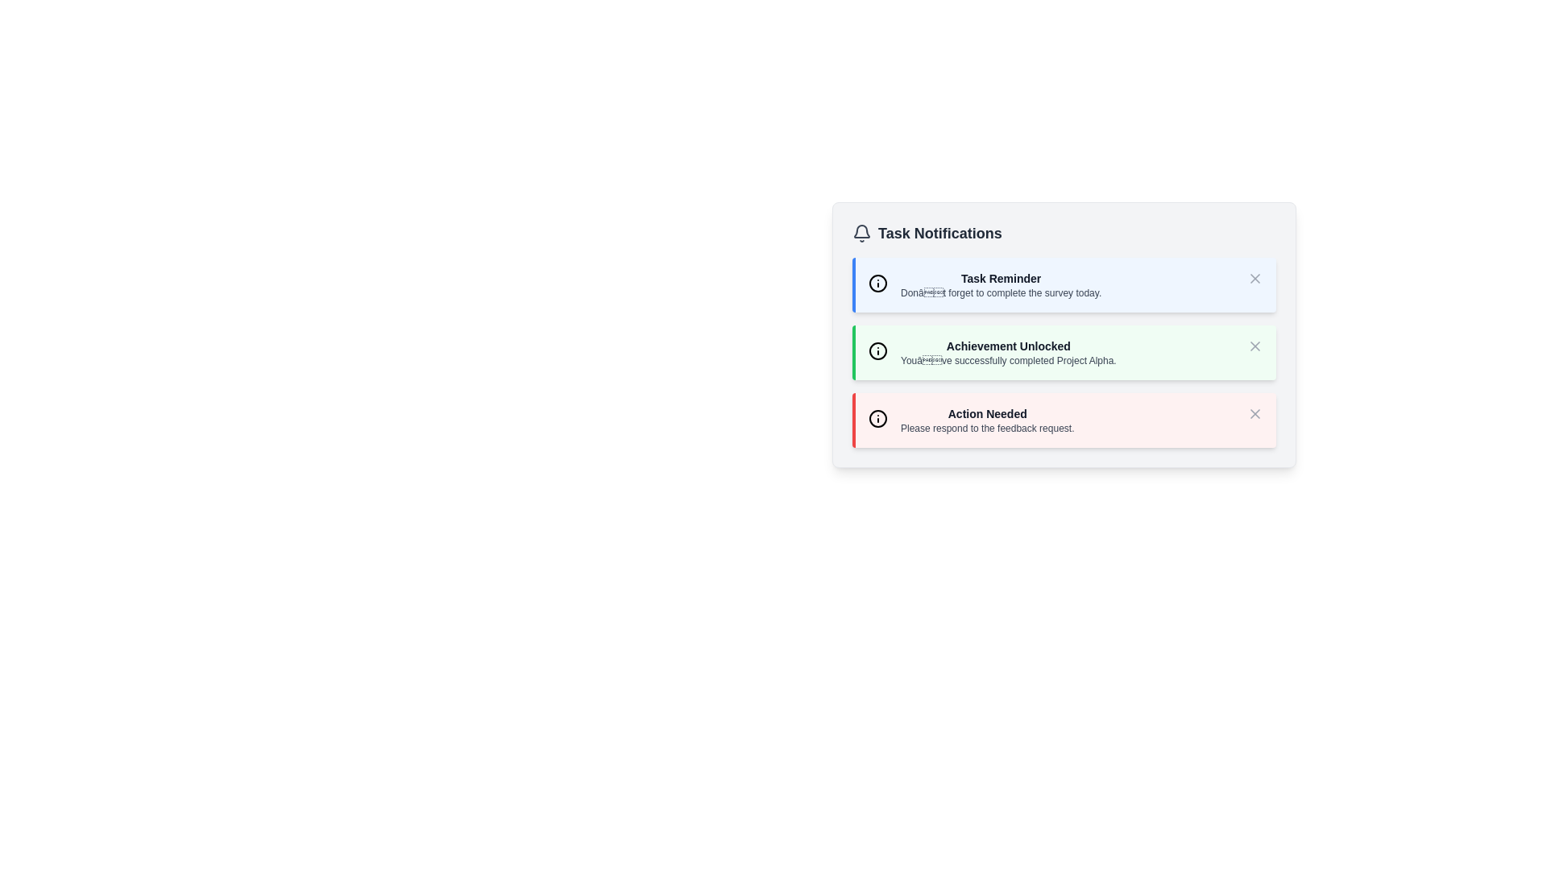 This screenshot has width=1547, height=870. I want to click on the close button located in the upper-right corner of the green-highlighted notification card titled 'Achievement Unlocked', so click(1255, 345).